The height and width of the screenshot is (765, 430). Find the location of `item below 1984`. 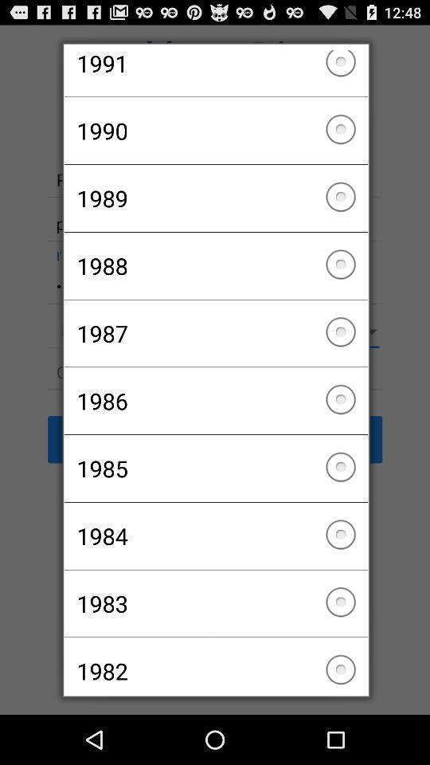

item below 1984 is located at coordinates (215, 602).